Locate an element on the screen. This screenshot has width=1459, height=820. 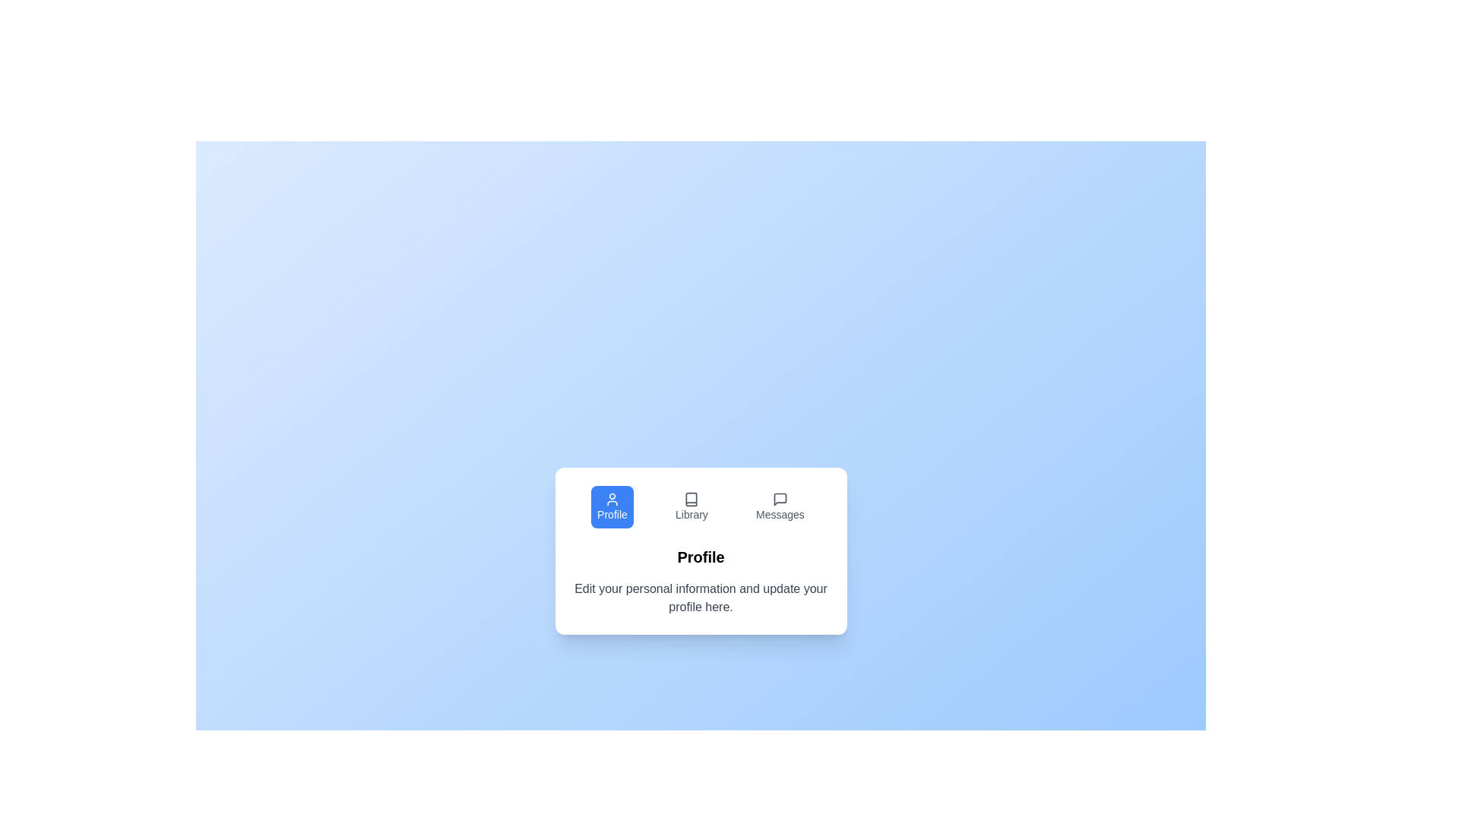
the tab labeled Profile to inspect its icon is located at coordinates (612, 506).